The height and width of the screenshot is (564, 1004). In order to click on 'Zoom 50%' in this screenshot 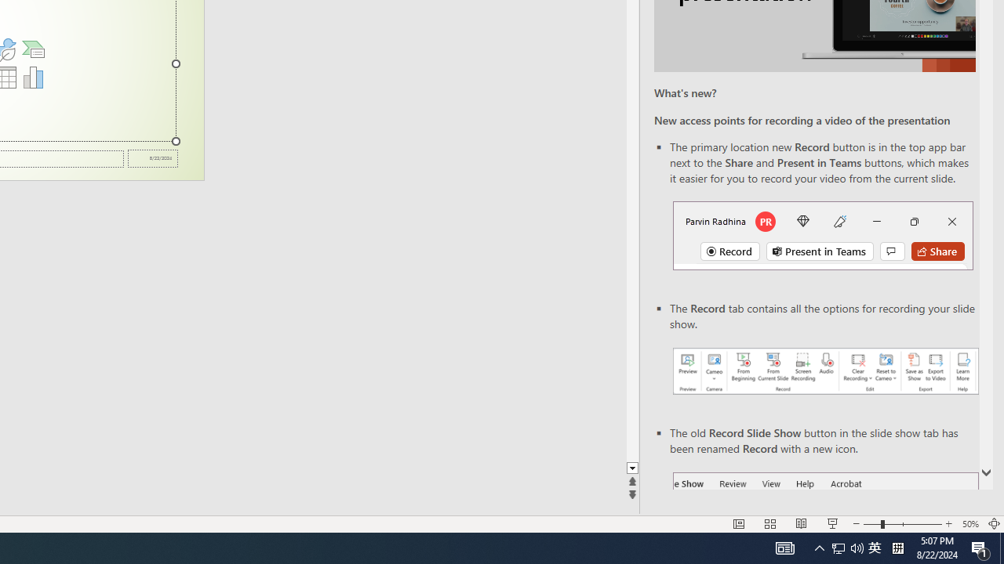, I will do `click(969, 524)`.